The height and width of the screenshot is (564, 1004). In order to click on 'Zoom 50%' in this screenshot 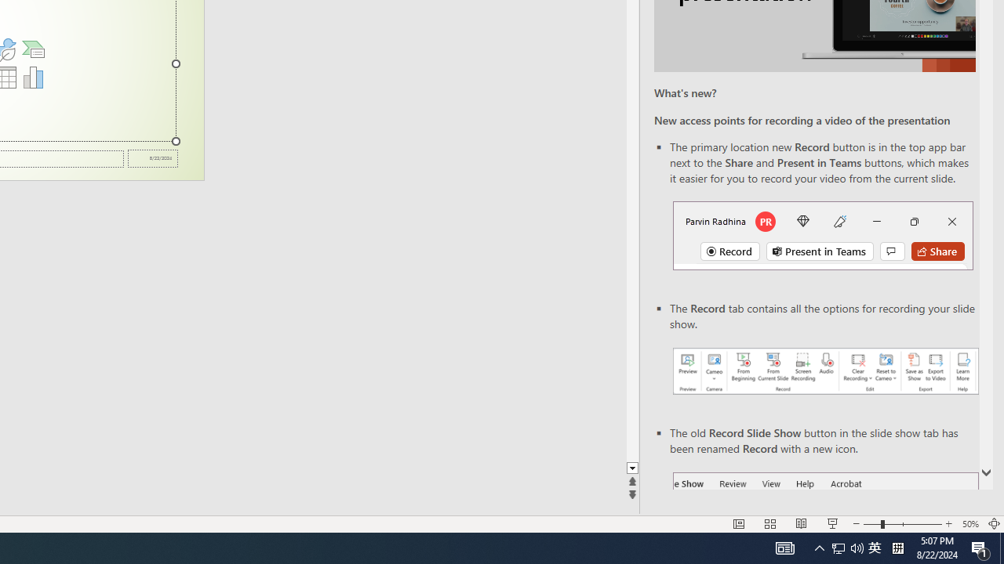, I will do `click(969, 524)`.